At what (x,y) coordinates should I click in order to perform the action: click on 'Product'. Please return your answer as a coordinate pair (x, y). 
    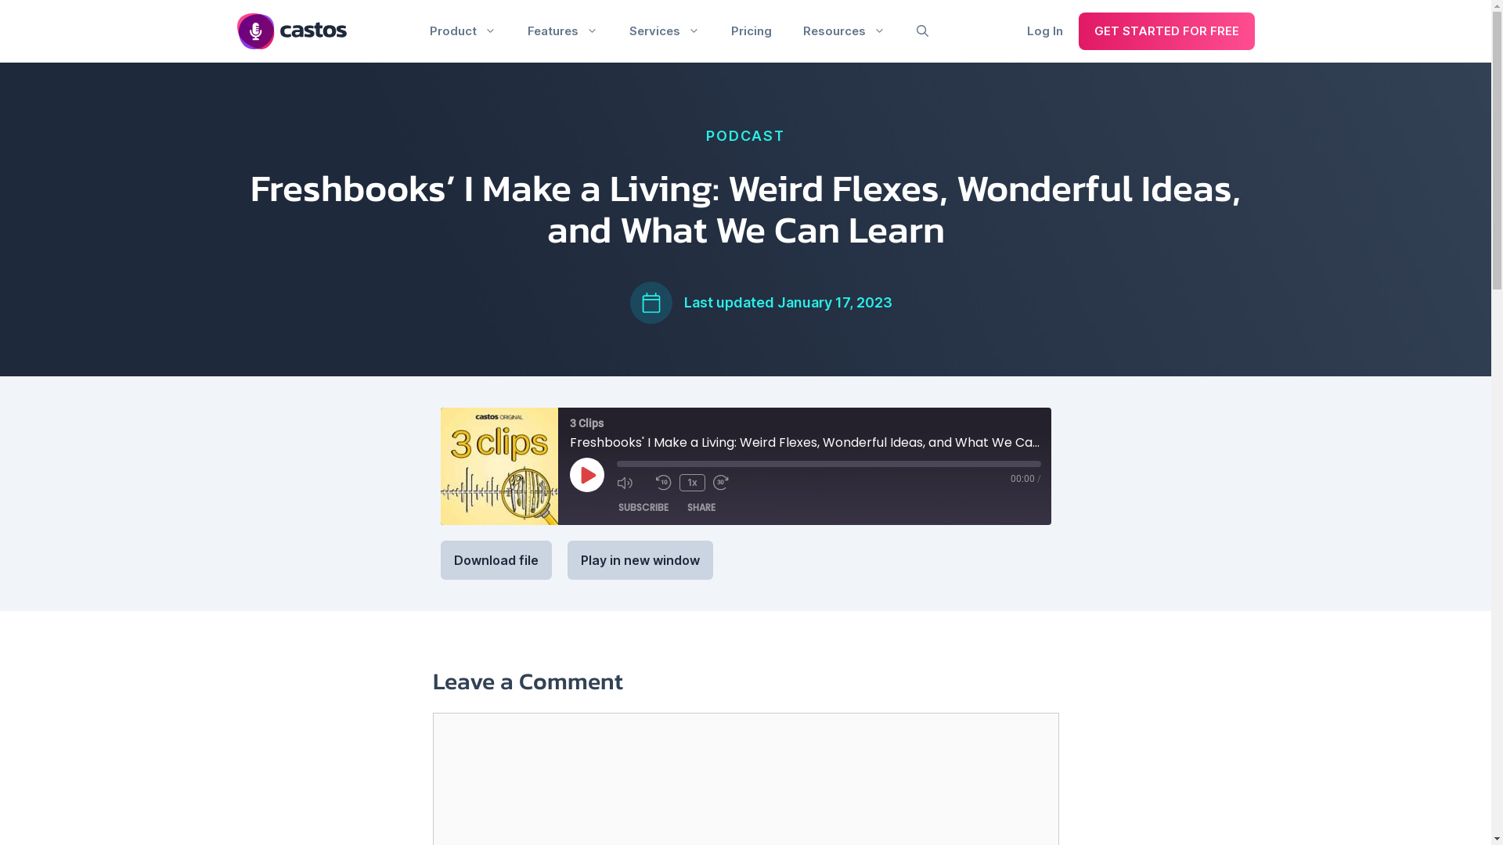
    Looking at the image, I should click on (413, 31).